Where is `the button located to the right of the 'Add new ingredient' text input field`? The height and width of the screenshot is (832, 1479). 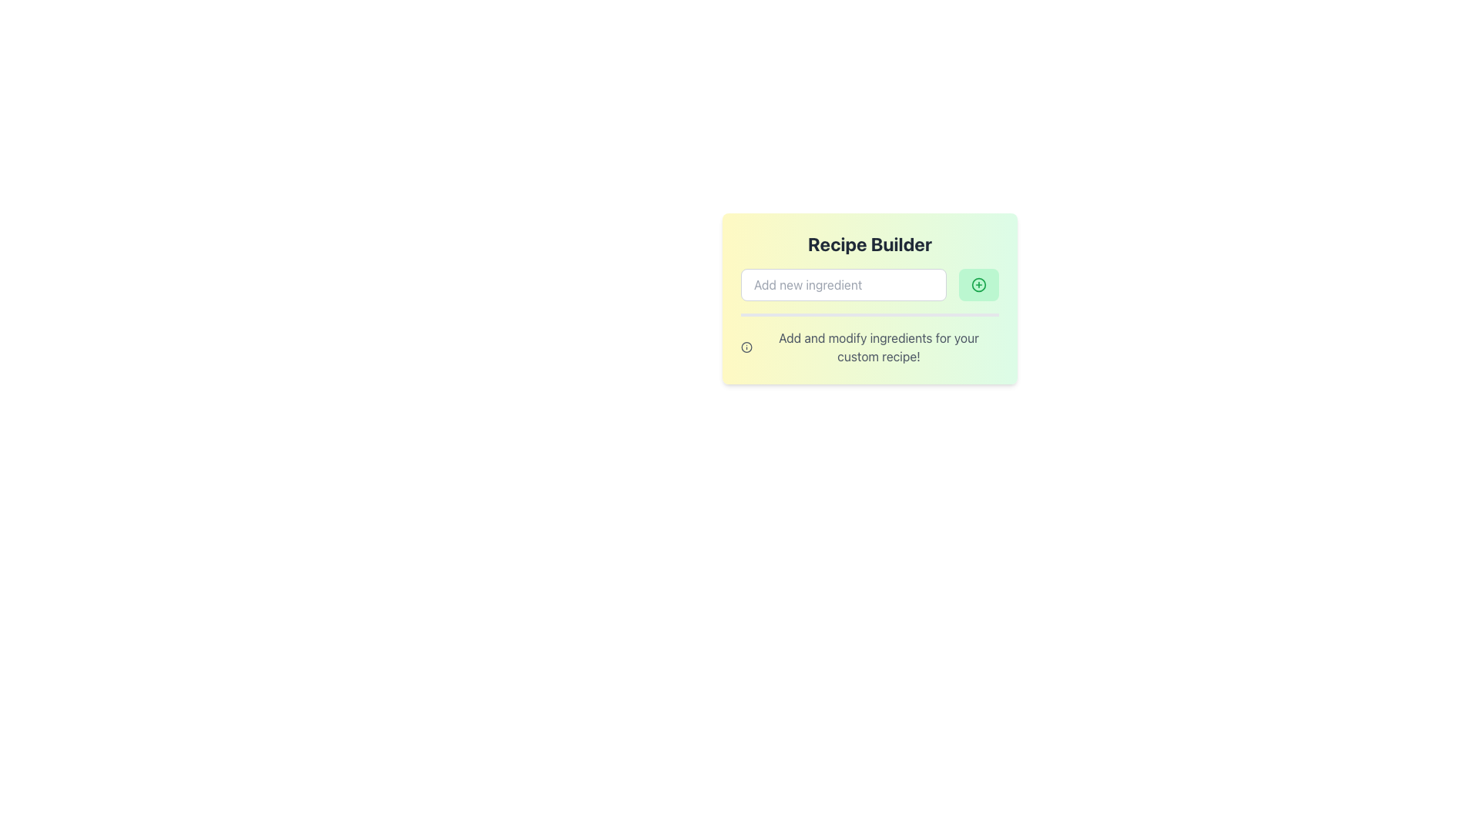 the button located to the right of the 'Add new ingredient' text input field is located at coordinates (978, 285).